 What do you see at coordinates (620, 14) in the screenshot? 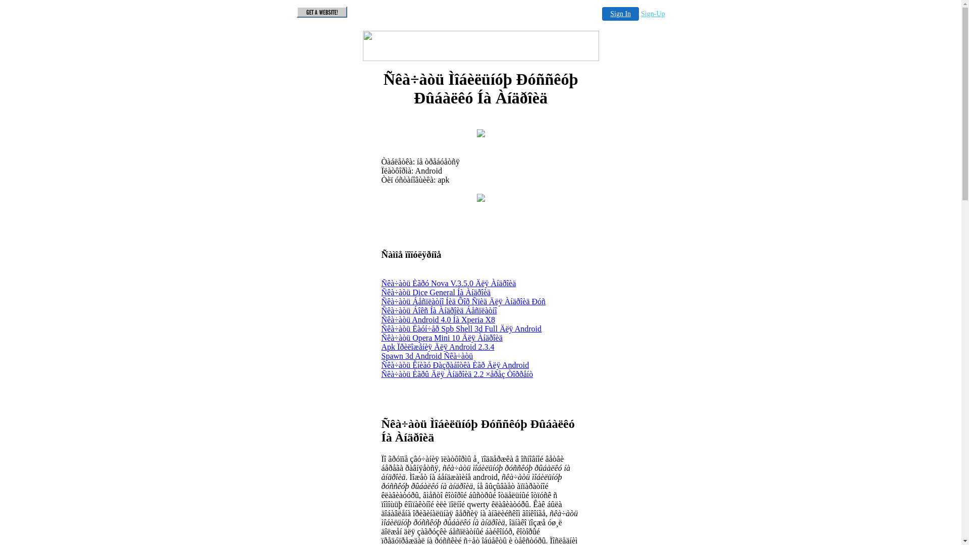
I see `'Sign In'` at bounding box center [620, 14].